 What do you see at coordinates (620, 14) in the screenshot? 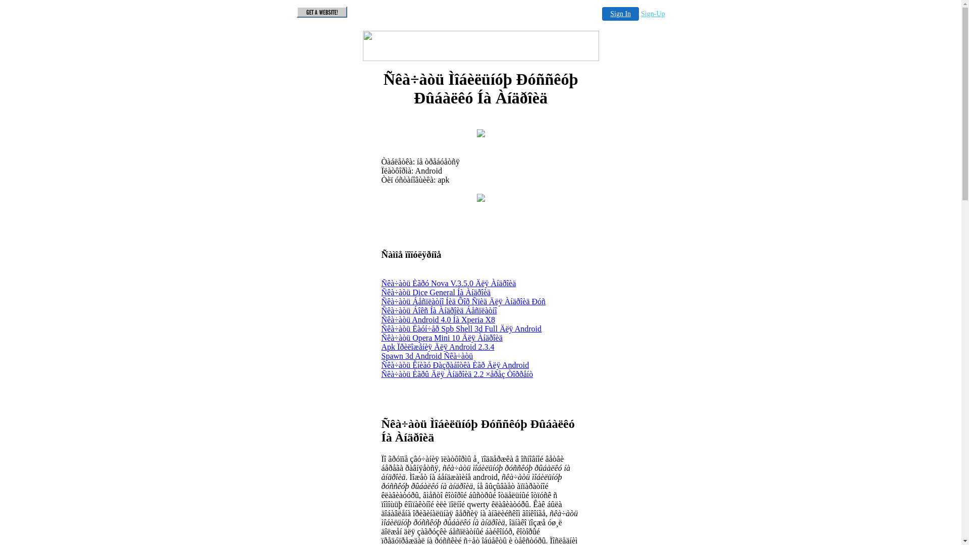
I see `'Sign In'` at bounding box center [620, 14].